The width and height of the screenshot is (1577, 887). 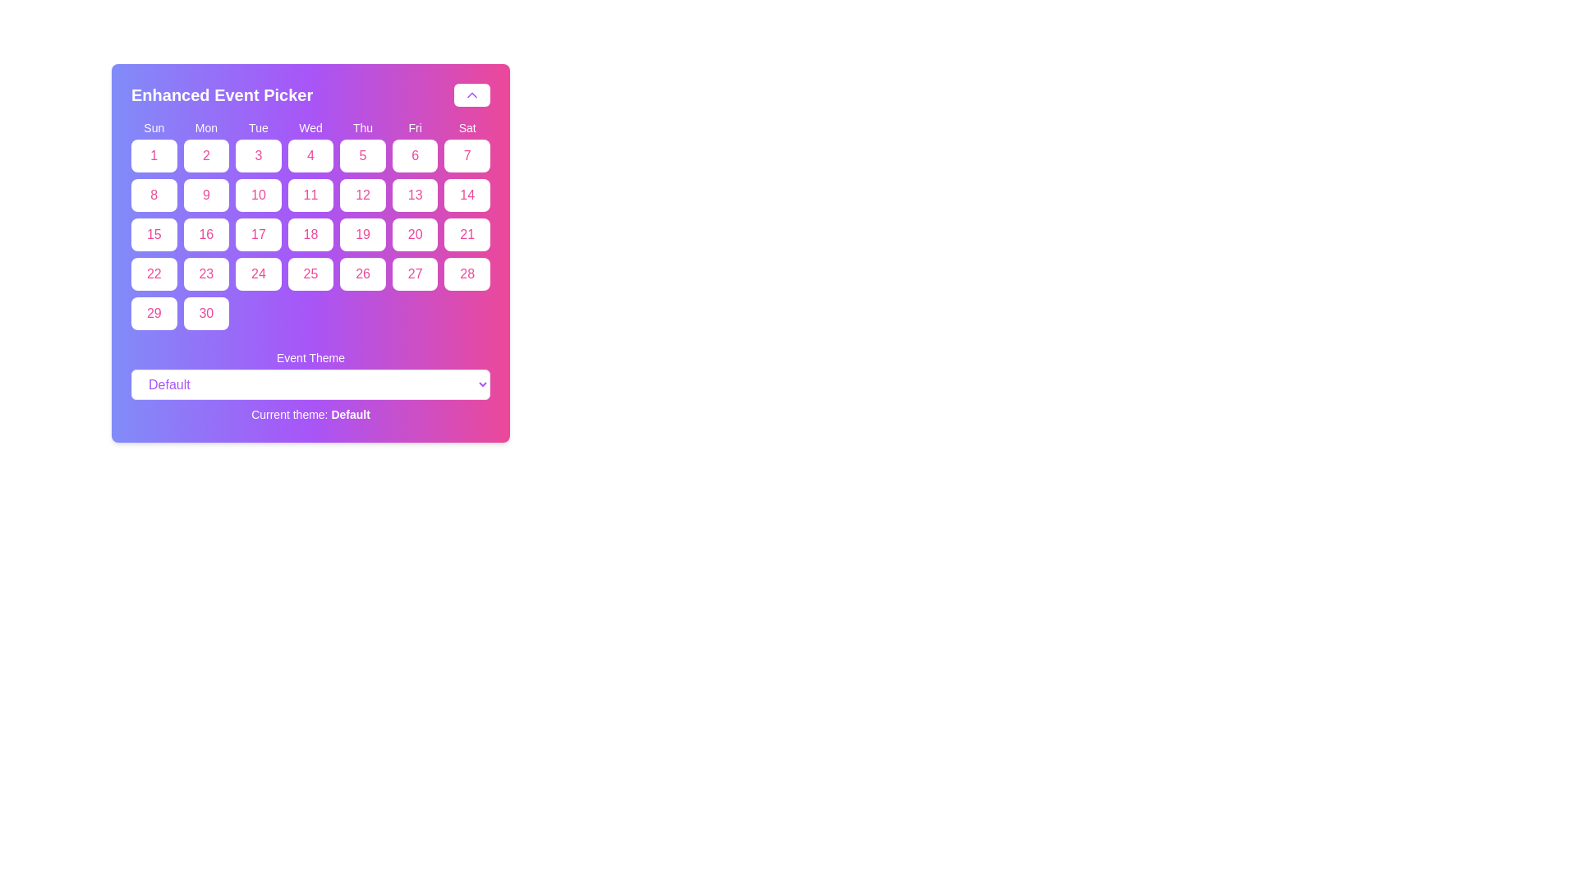 What do you see at coordinates (310, 384) in the screenshot?
I see `the Dropdown menu labeled 'Event Theme'` at bounding box center [310, 384].